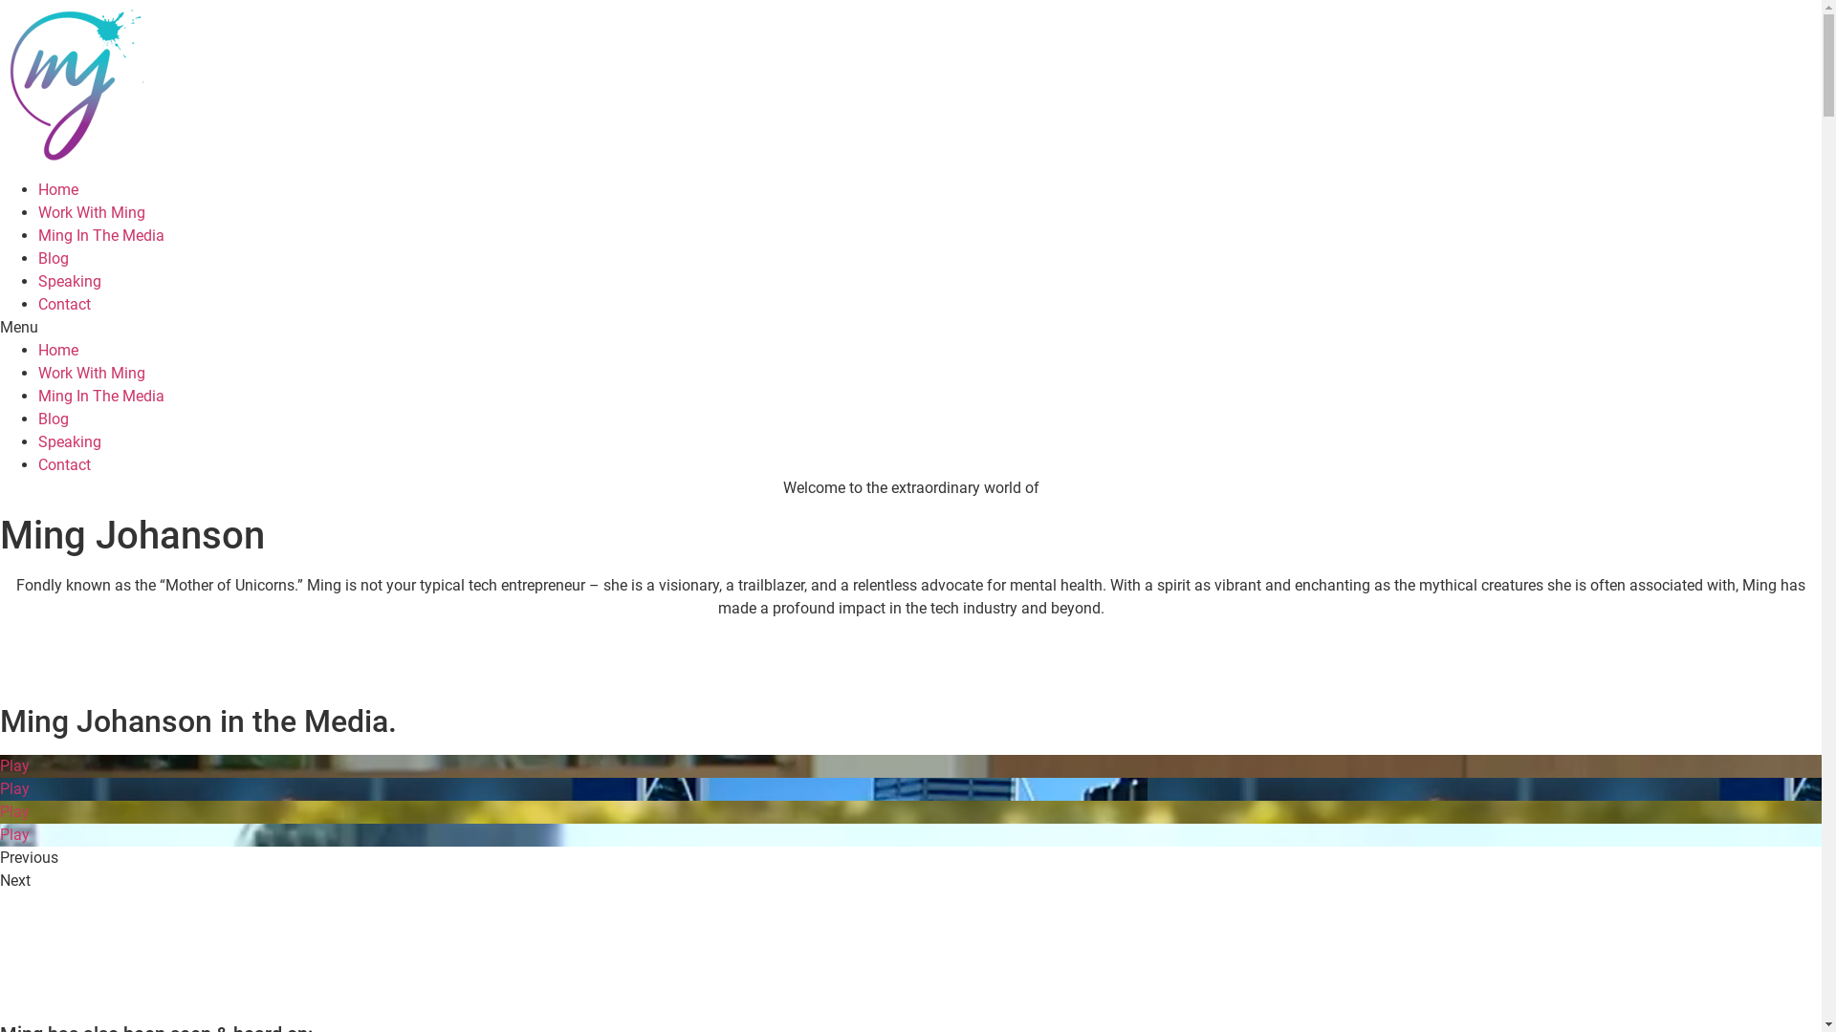 The width and height of the screenshot is (1836, 1032). Describe the element at coordinates (99, 395) in the screenshot. I see `'Ming In The Media'` at that location.